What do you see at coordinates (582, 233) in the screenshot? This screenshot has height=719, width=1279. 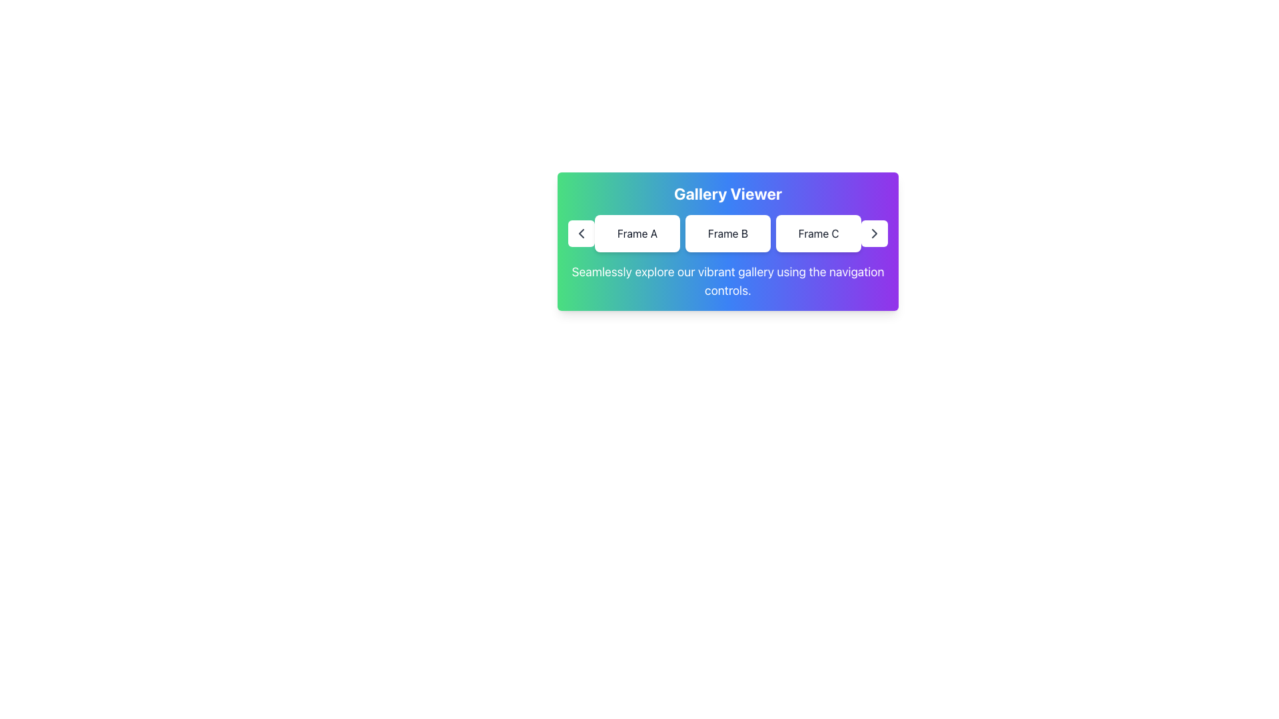 I see `the navigation icon located in the top-left corner of the gallery interface` at bounding box center [582, 233].